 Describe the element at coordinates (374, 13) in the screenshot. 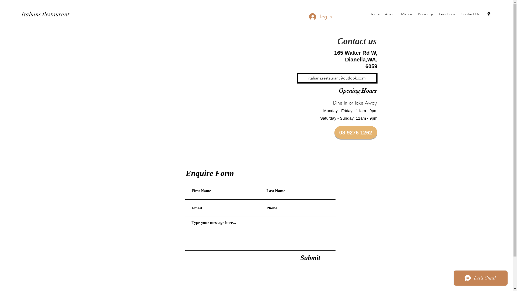

I see `'Home'` at that location.